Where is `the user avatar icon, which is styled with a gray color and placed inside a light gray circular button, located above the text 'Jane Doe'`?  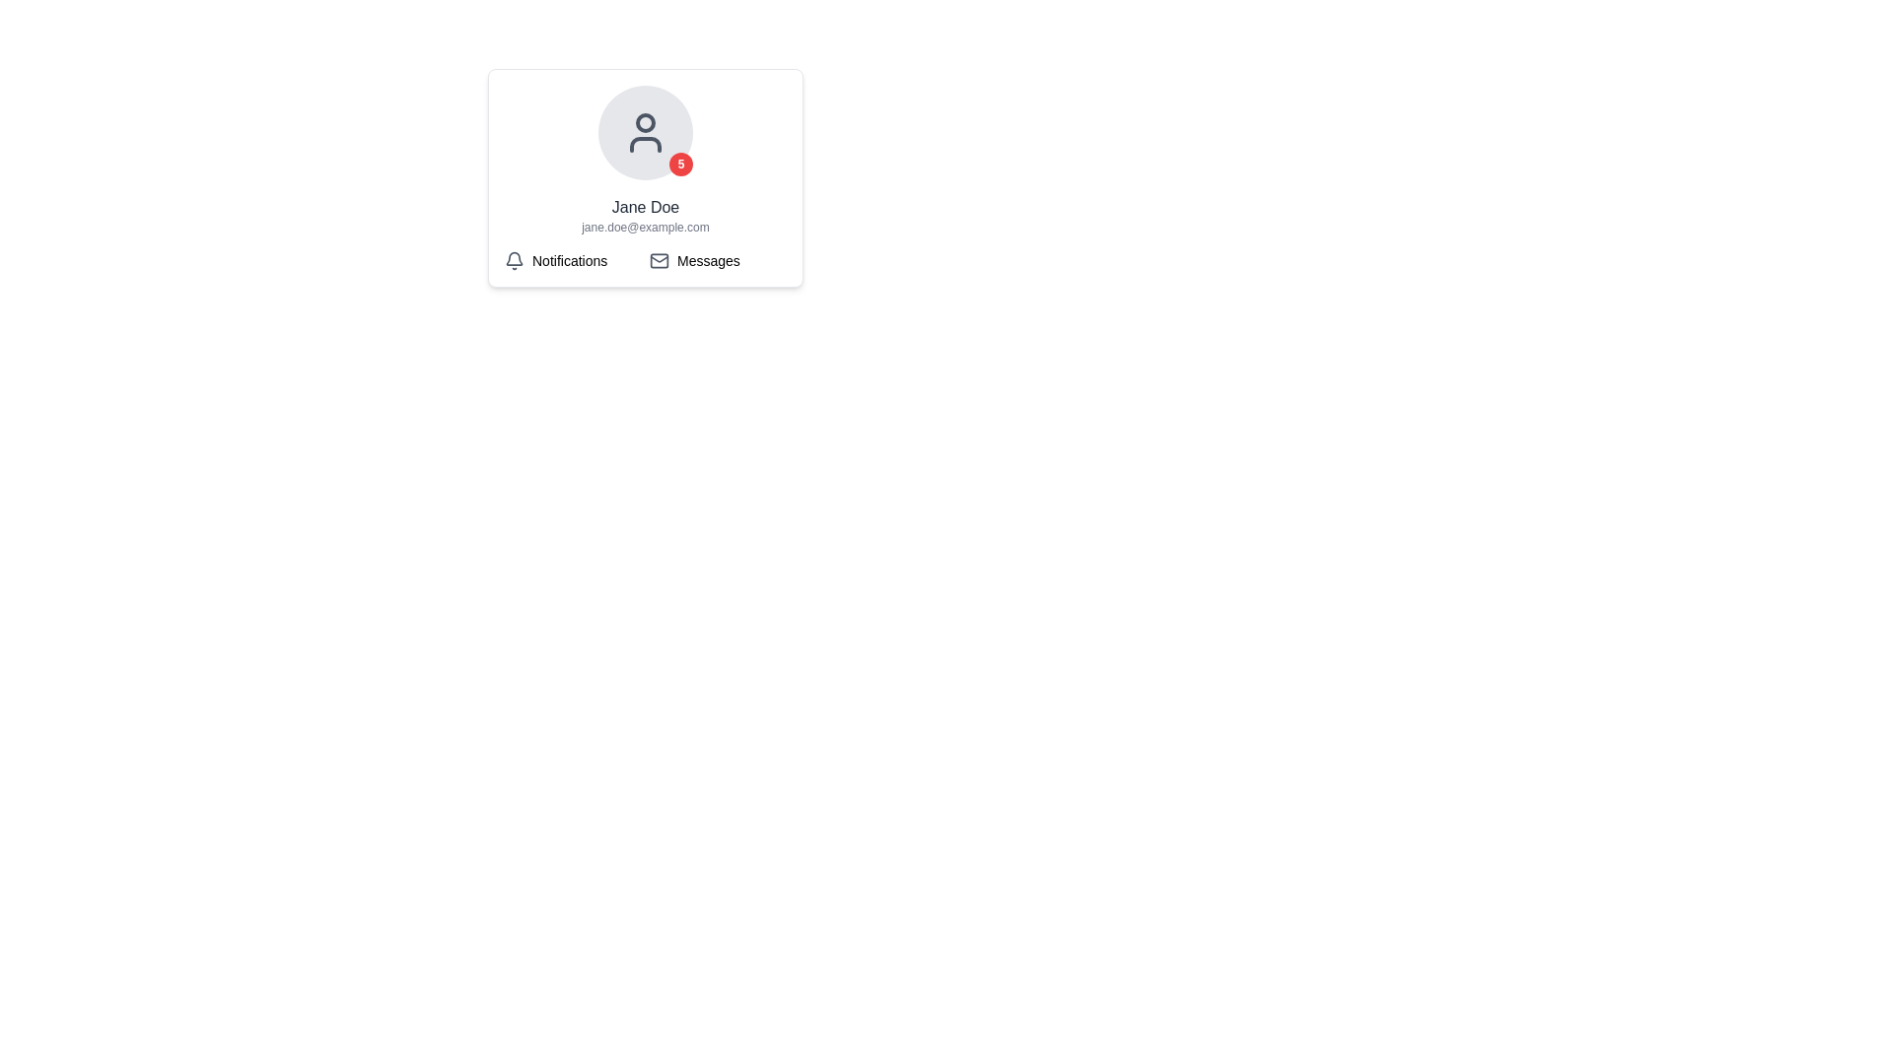 the user avatar icon, which is styled with a gray color and placed inside a light gray circular button, located above the text 'Jane Doe' is located at coordinates (645, 133).